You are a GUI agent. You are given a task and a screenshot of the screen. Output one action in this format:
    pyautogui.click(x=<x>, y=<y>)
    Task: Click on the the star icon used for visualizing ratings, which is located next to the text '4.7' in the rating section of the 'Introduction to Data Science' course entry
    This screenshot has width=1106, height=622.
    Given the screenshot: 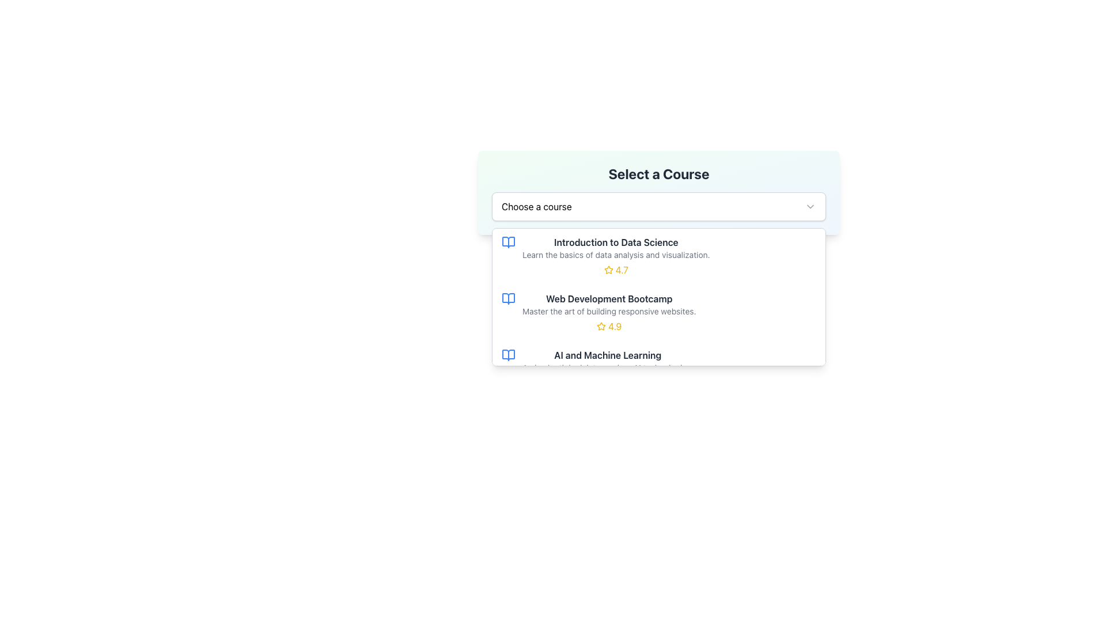 What is the action you would take?
    pyautogui.click(x=608, y=270)
    